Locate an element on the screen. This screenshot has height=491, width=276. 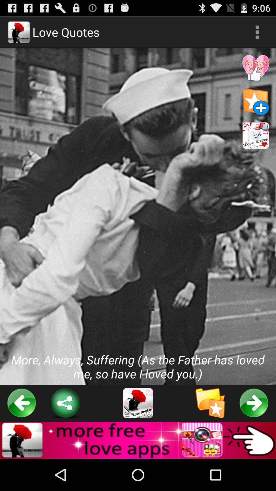
the star icon is located at coordinates (256, 109).